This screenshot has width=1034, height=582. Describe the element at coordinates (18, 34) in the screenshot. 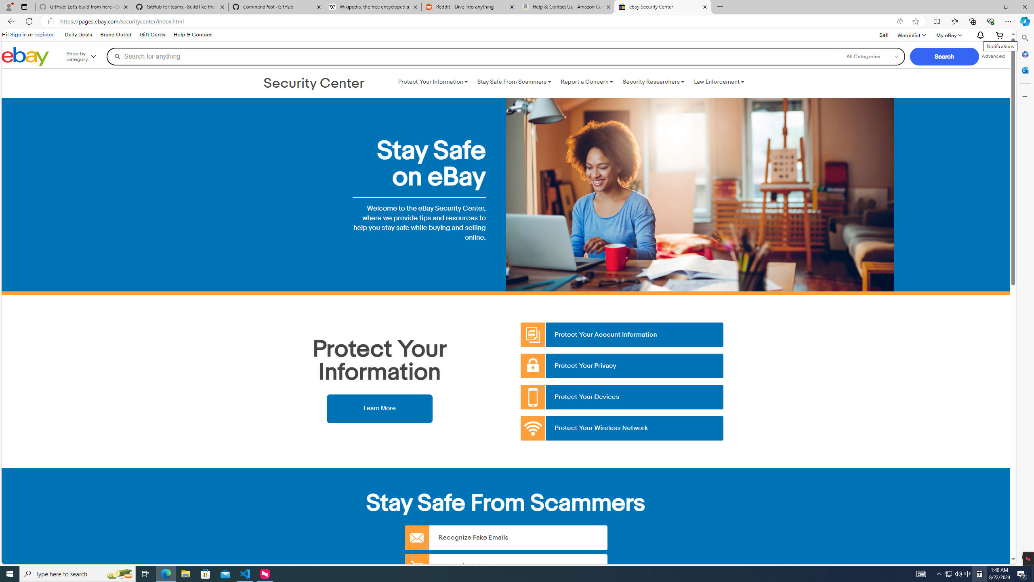

I see `'Sign in'` at that location.